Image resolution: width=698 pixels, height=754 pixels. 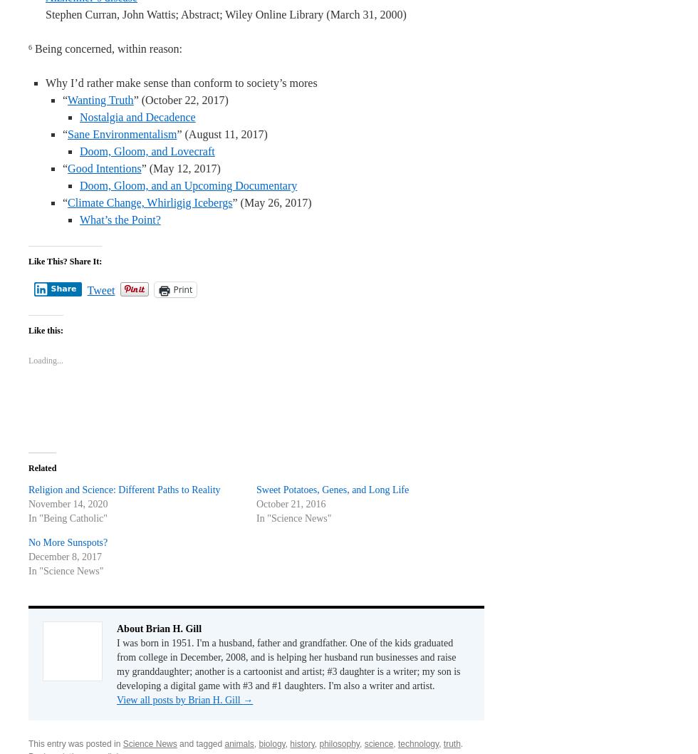 What do you see at coordinates (65, 262) in the screenshot?
I see `'Like This? Share It:'` at bounding box center [65, 262].